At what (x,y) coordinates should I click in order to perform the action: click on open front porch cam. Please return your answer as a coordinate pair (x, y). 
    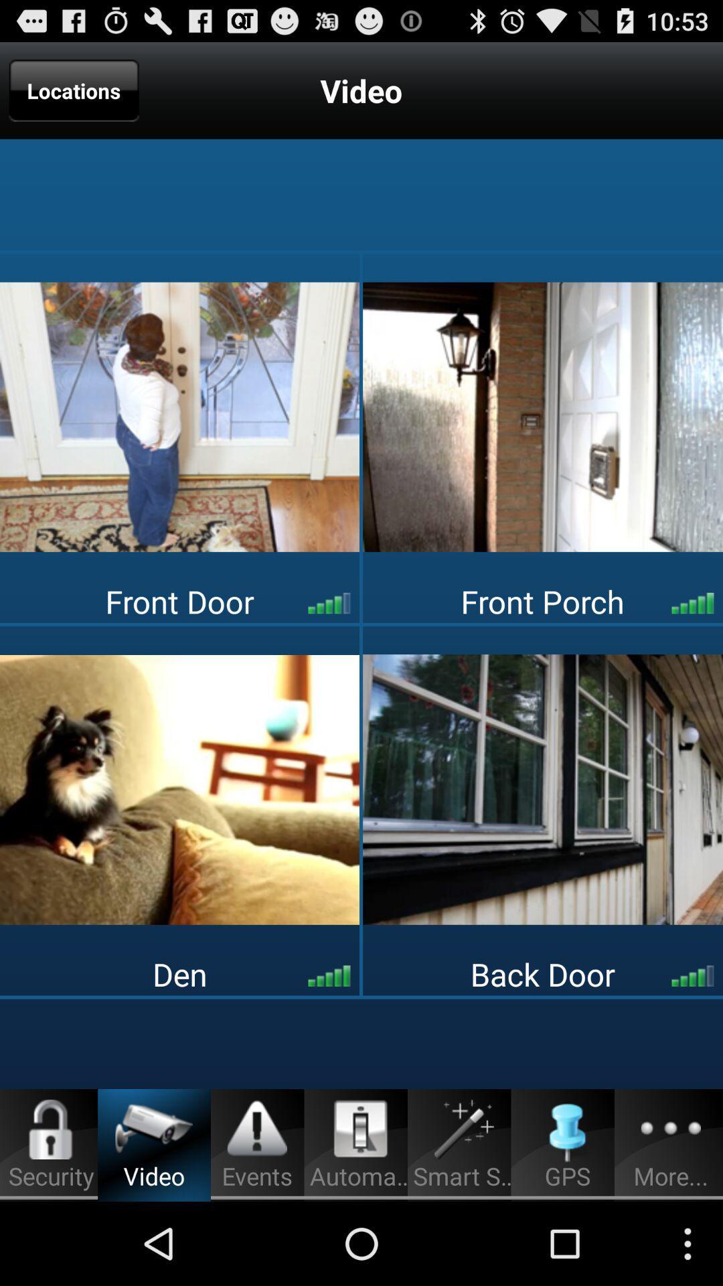
    Looking at the image, I should click on (543, 416).